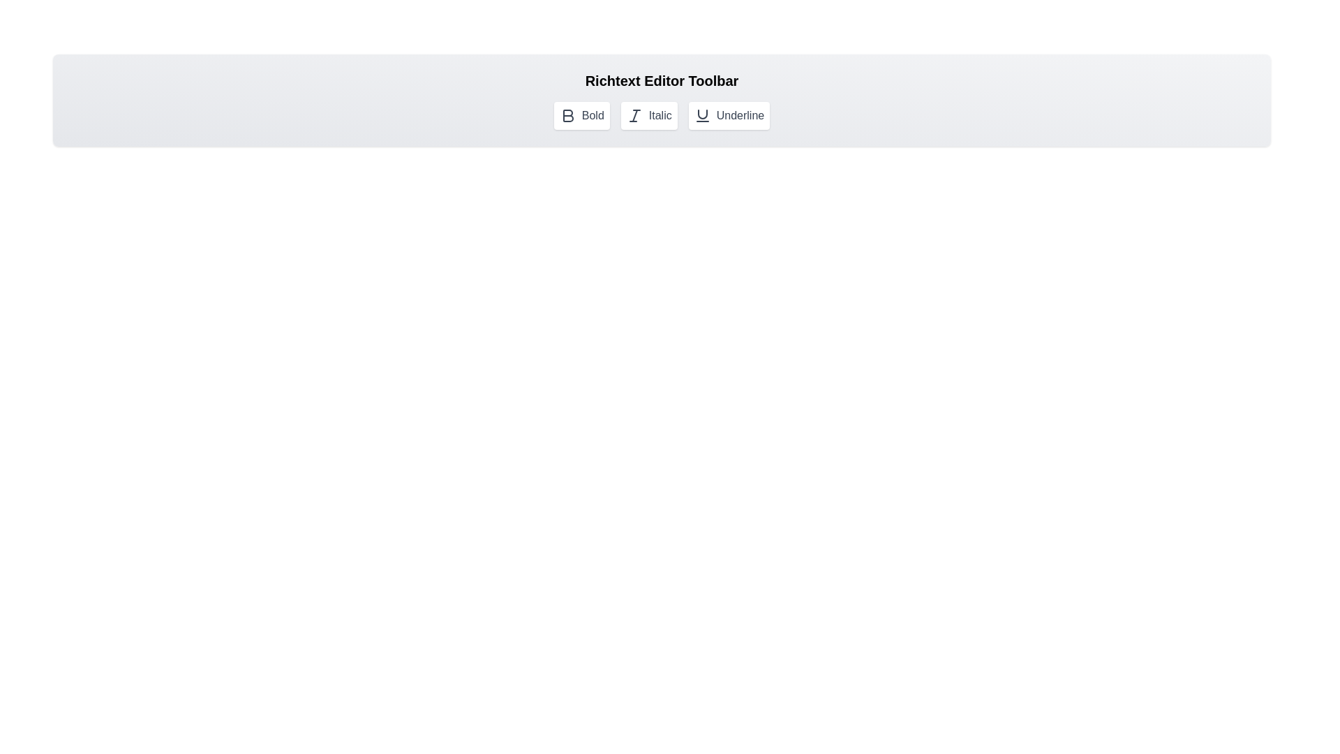 This screenshot has width=1340, height=754. Describe the element at coordinates (581, 114) in the screenshot. I see `the 'Bold' button to toggle bold formatting` at that location.